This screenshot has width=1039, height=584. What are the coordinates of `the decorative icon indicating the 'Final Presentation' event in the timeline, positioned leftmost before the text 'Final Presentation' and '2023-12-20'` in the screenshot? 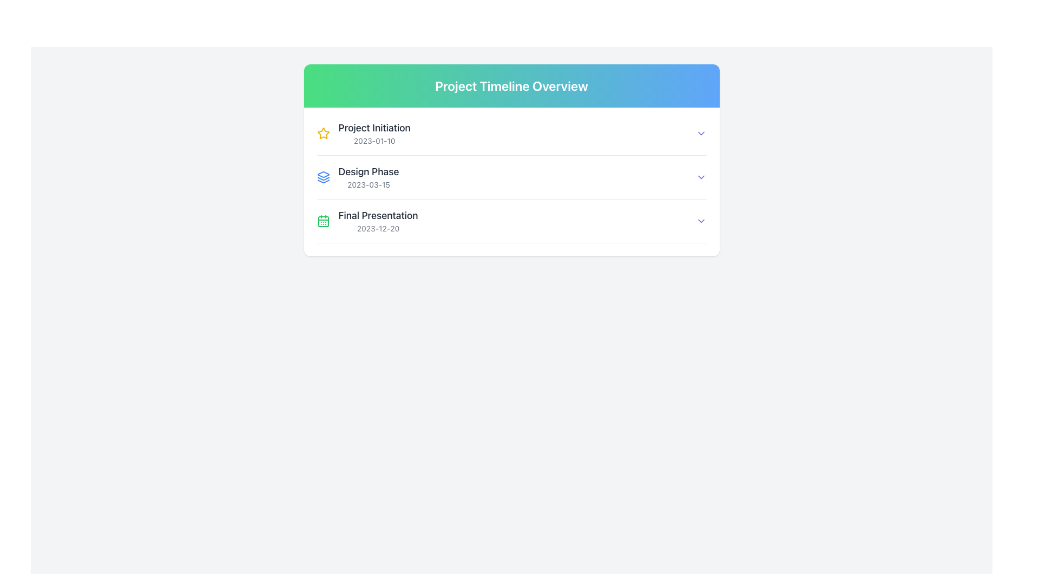 It's located at (323, 220).